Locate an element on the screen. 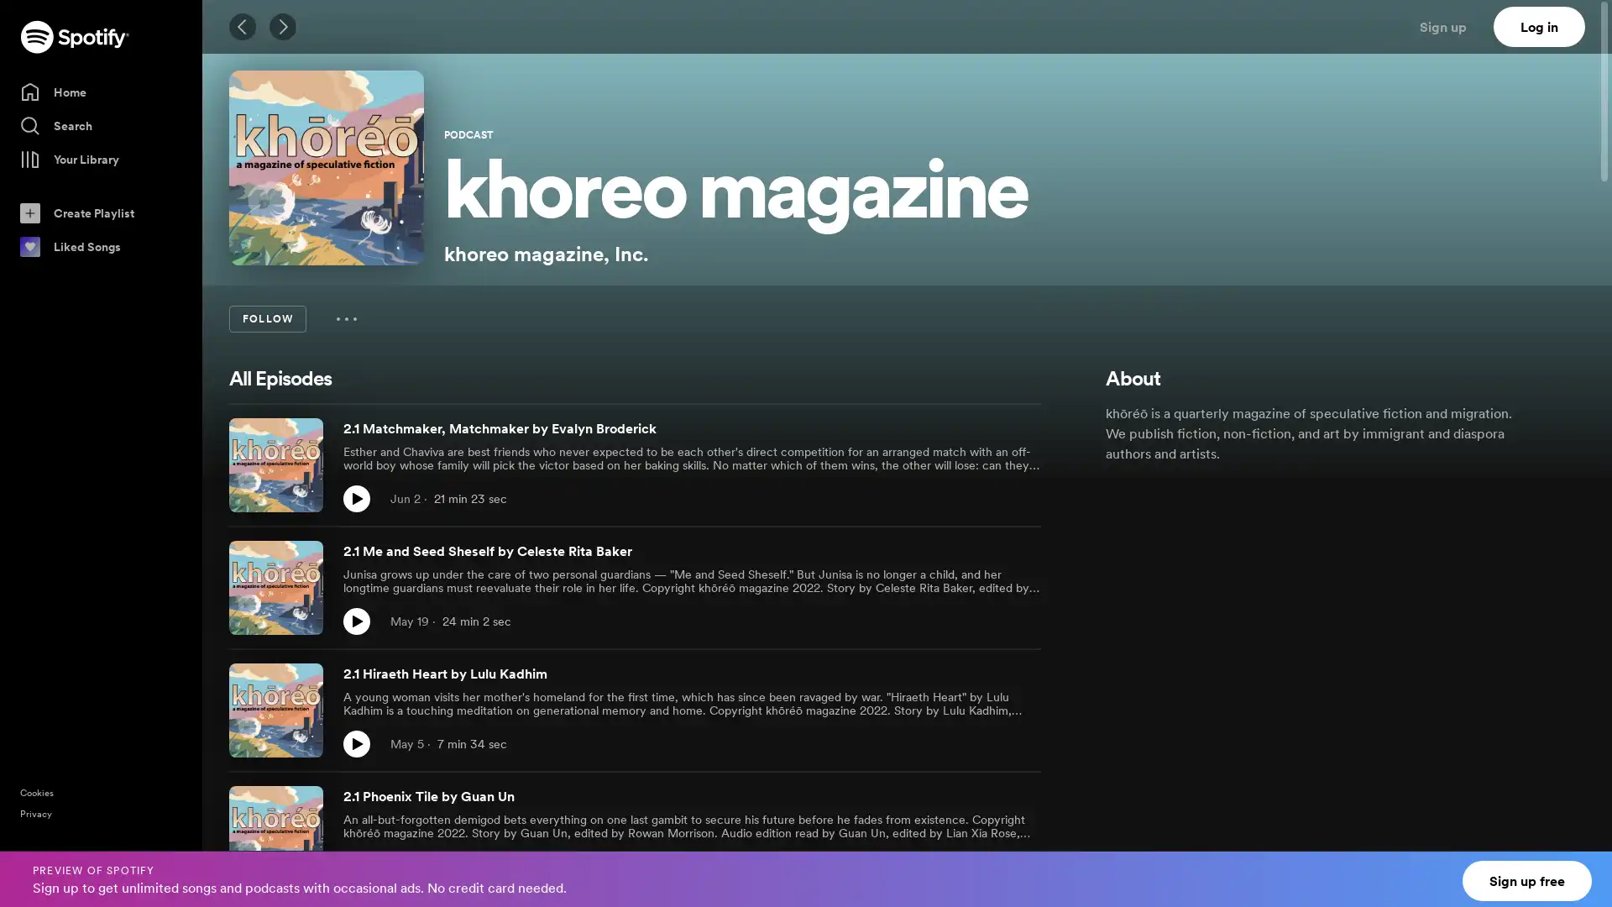 This screenshot has width=1612, height=907. Play 2.1 Matchmaker, Matchmaker by Evalyn Broderick by khoreo magazine is located at coordinates (356, 498).